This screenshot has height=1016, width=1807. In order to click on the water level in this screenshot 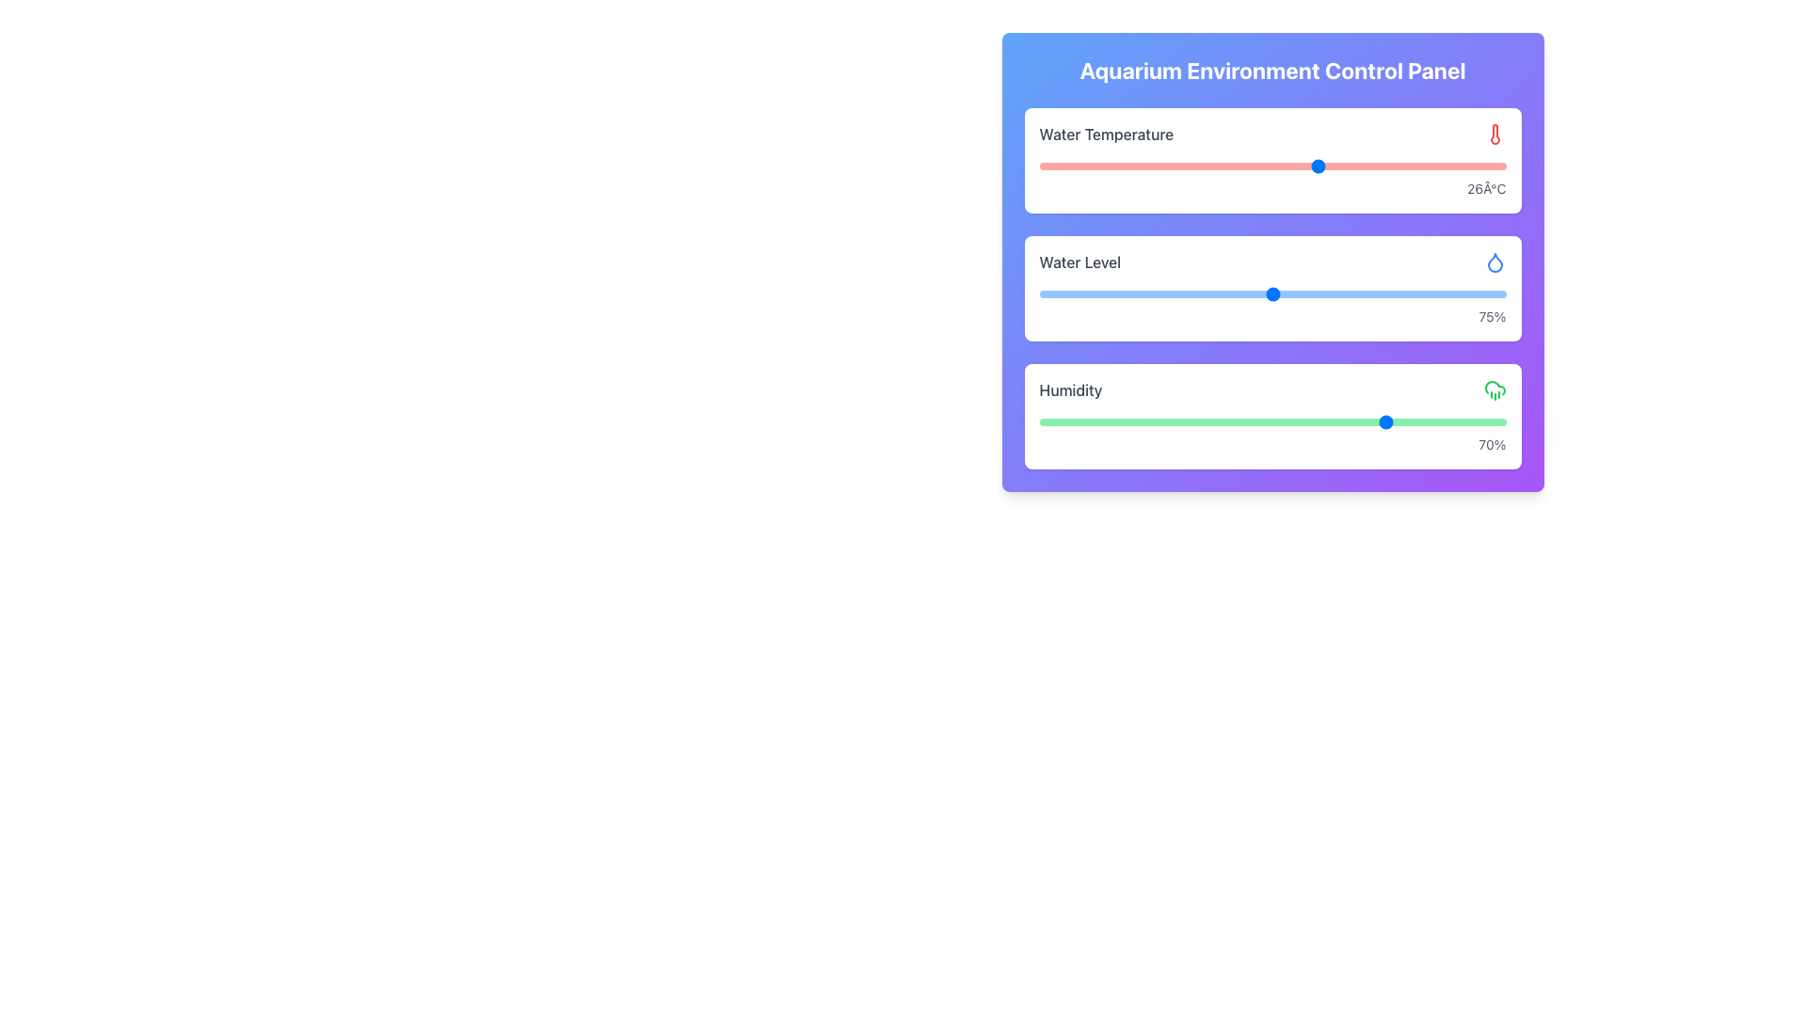, I will do `click(1300, 294)`.